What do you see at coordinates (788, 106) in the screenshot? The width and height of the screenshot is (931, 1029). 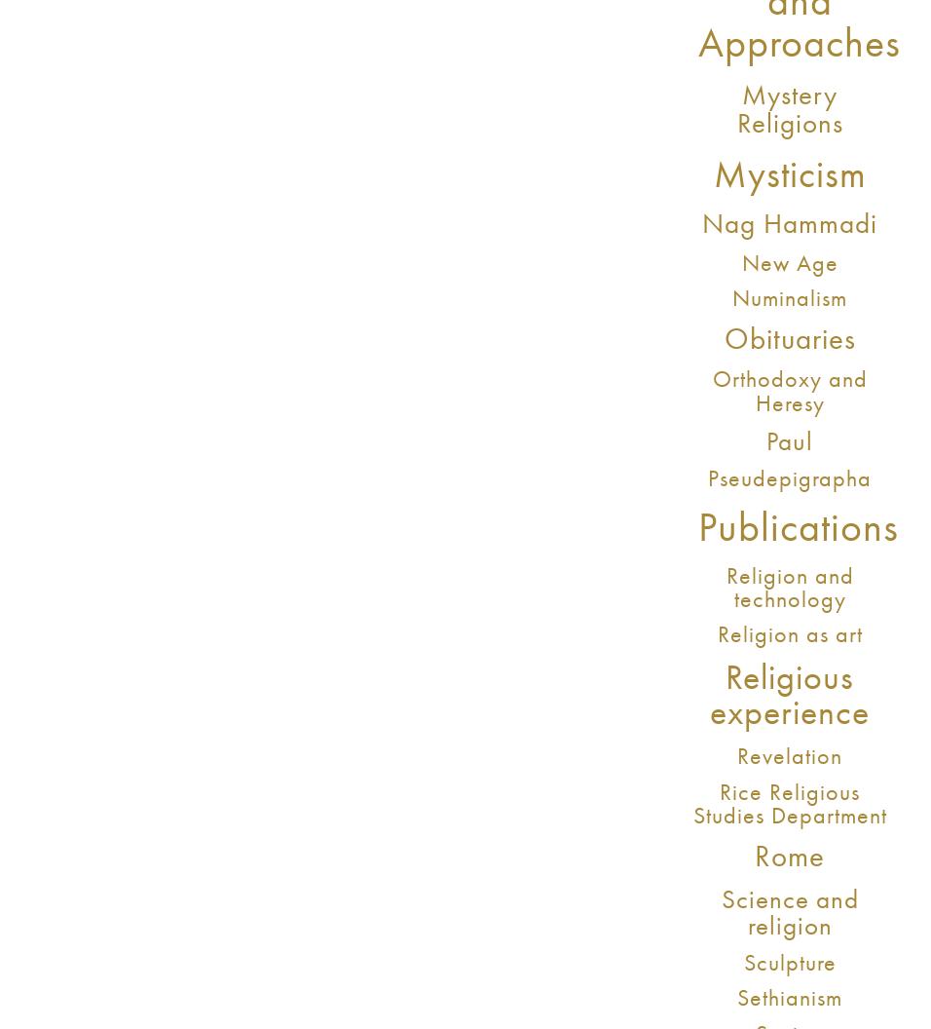 I see `'Mystery Religions'` at bounding box center [788, 106].